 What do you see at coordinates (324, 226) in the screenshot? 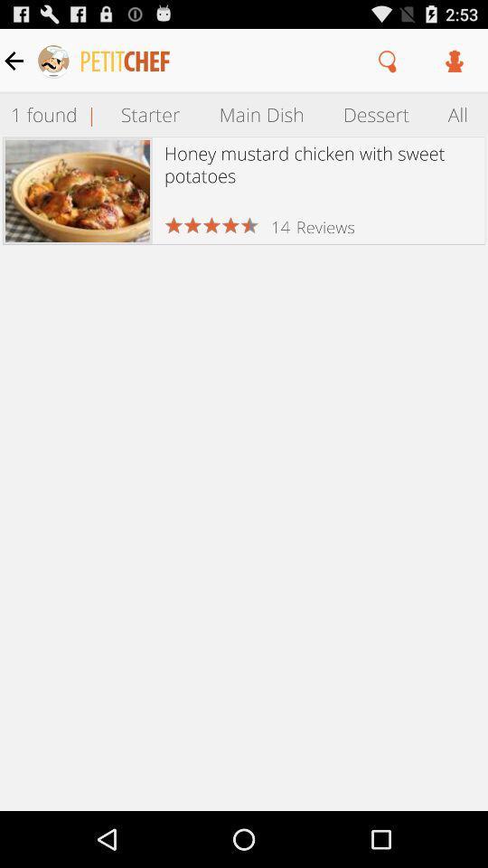
I see `the icon below the honey mustard chicken icon` at bounding box center [324, 226].